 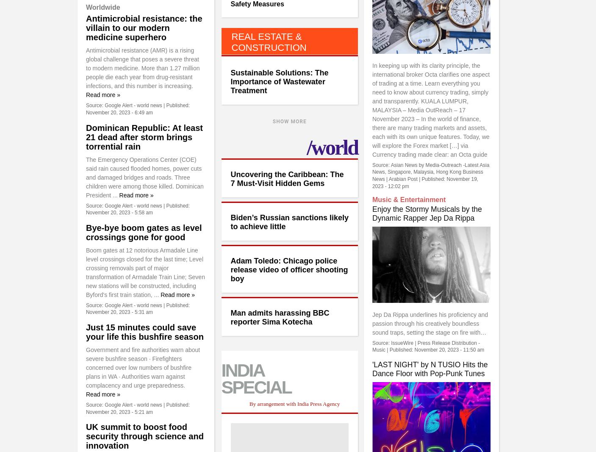 What do you see at coordinates (371, 346) in the screenshot?
I see `'IssueWire | Press Release Distribution - Music'` at bounding box center [371, 346].